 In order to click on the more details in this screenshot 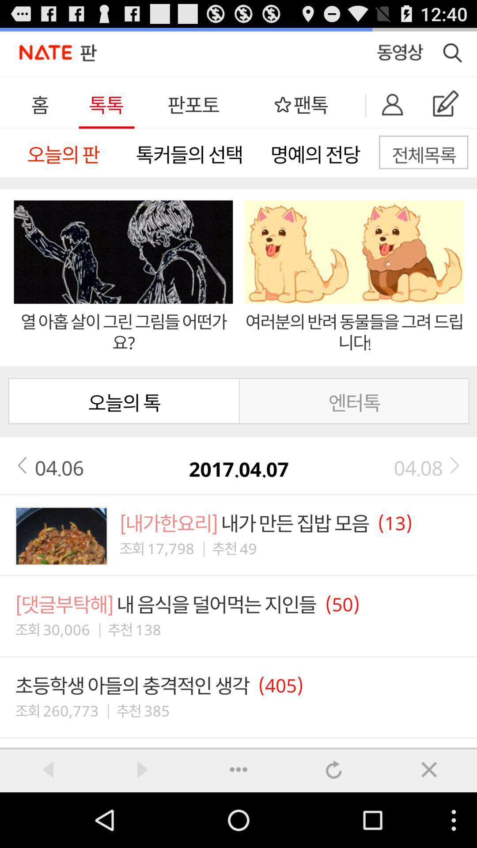, I will do `click(238, 769)`.